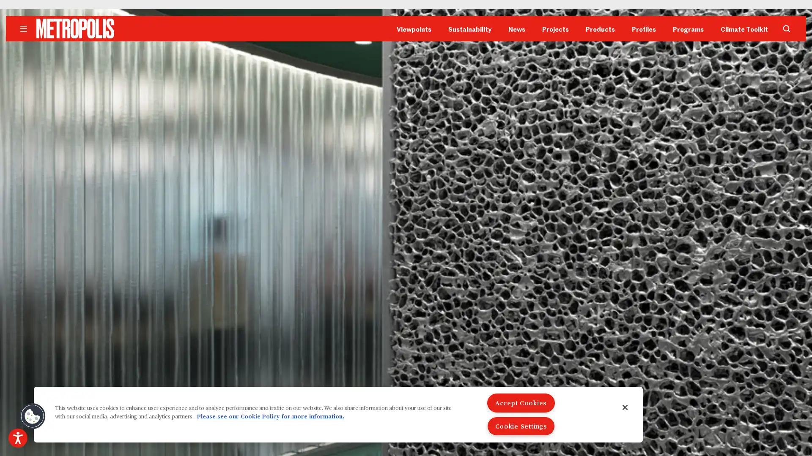  Describe the element at coordinates (521, 426) in the screenshot. I see `Cookie Settings` at that location.